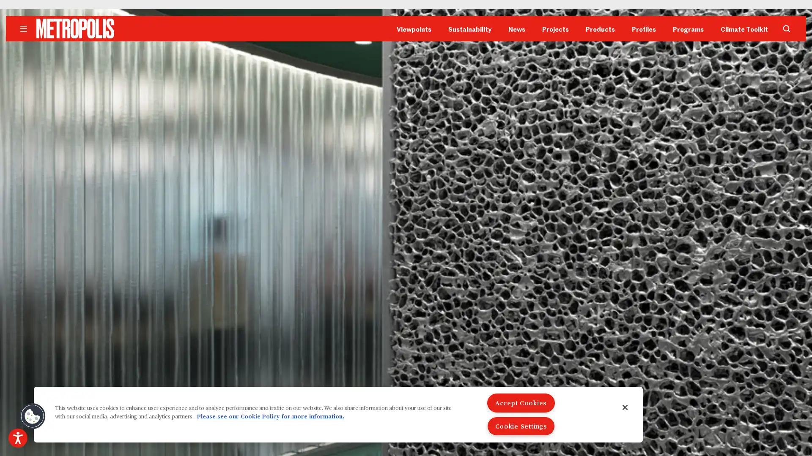  Describe the element at coordinates (521, 426) in the screenshot. I see `Cookie Settings` at that location.